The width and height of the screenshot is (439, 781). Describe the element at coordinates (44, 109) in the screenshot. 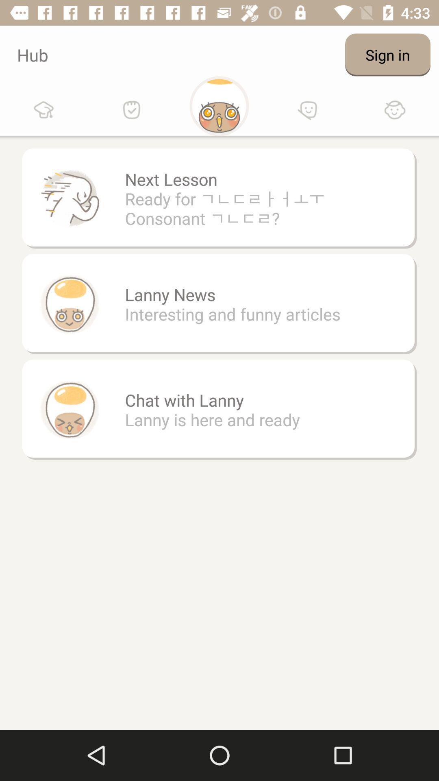

I see `the first icon which is below hub on page` at that location.